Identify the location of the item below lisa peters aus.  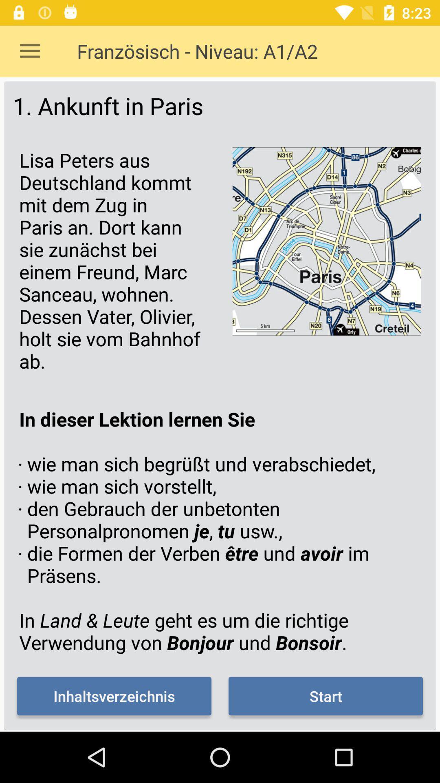
(220, 531).